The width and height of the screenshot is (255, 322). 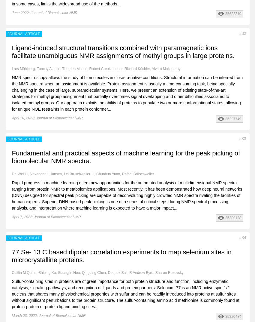 What do you see at coordinates (49, 316) in the screenshot?
I see `'March 23, 2022: Journal of Biomolecular NMR'` at bounding box center [49, 316].